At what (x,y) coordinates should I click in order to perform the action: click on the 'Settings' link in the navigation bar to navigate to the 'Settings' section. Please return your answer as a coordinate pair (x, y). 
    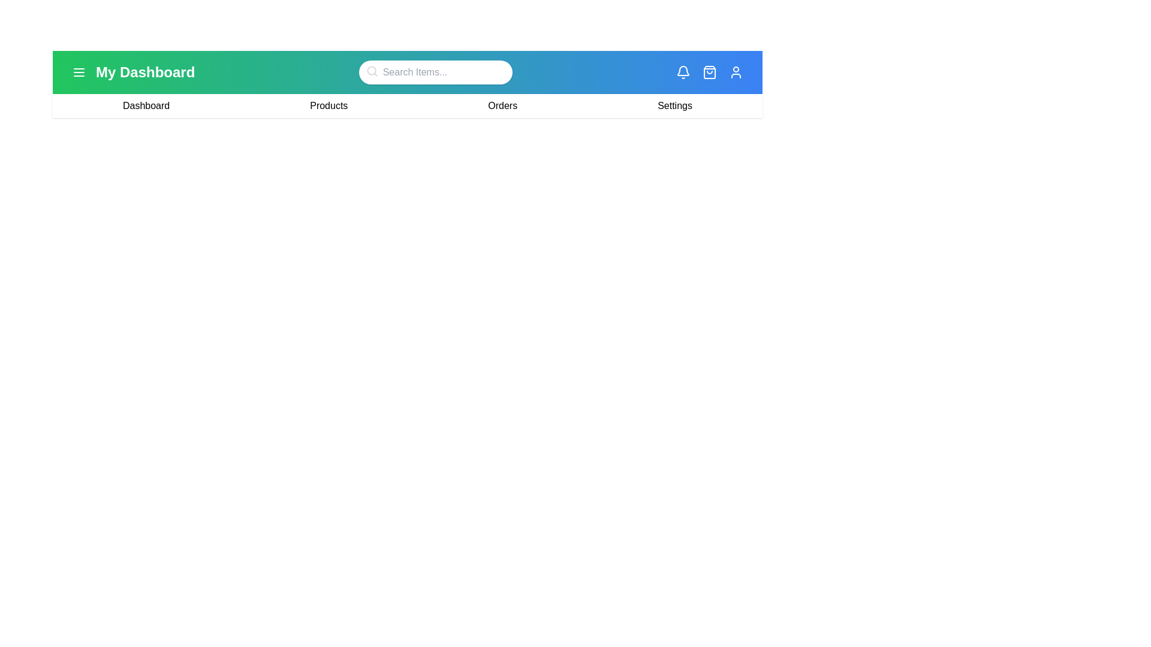
    Looking at the image, I should click on (675, 105).